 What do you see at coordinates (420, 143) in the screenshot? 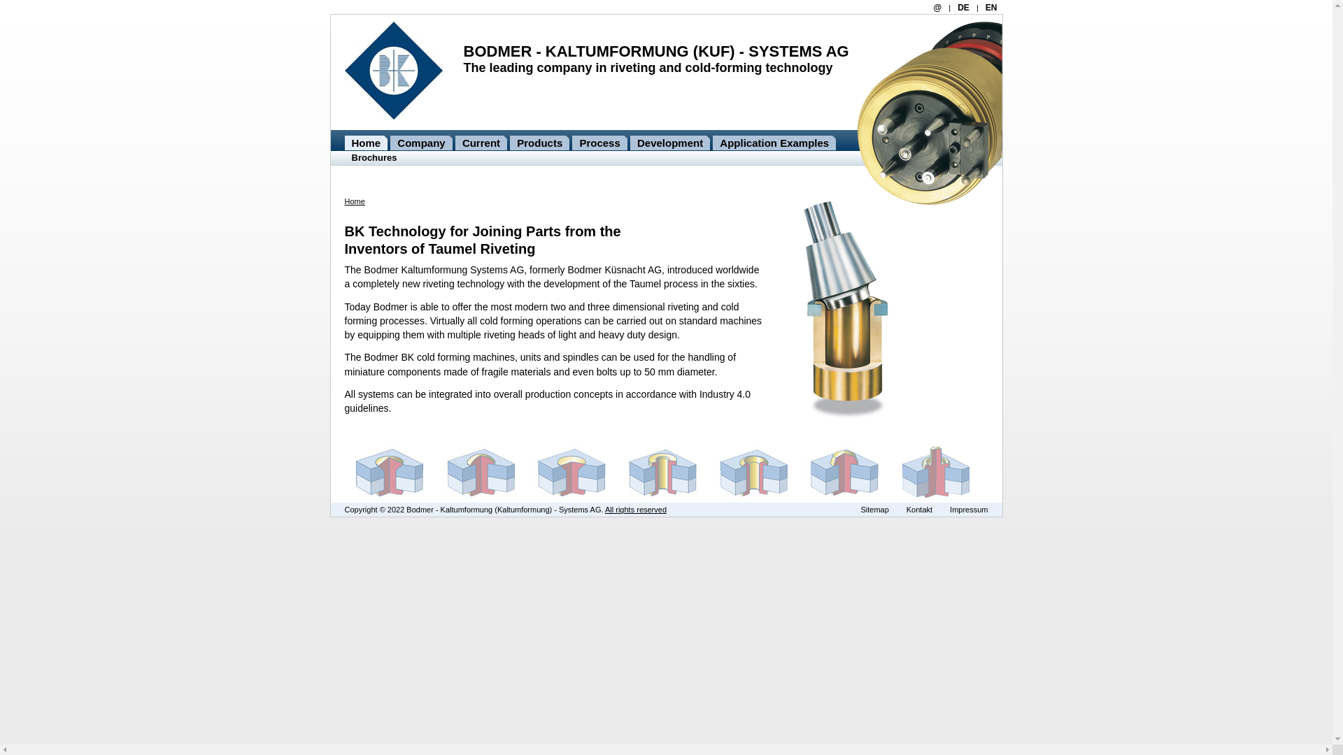
I see `'Company'` at bounding box center [420, 143].